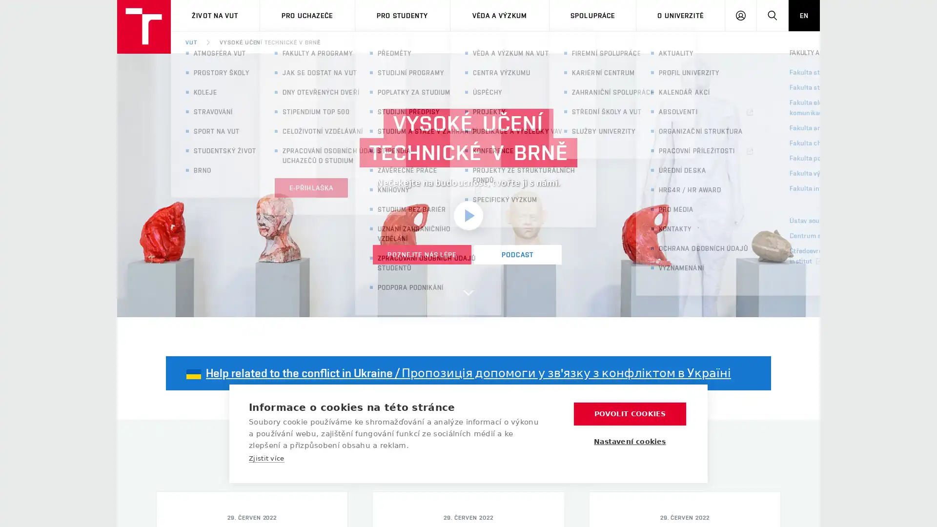 The width and height of the screenshot is (937, 527). What do you see at coordinates (630, 442) in the screenshot?
I see `Nastaveni cookies` at bounding box center [630, 442].